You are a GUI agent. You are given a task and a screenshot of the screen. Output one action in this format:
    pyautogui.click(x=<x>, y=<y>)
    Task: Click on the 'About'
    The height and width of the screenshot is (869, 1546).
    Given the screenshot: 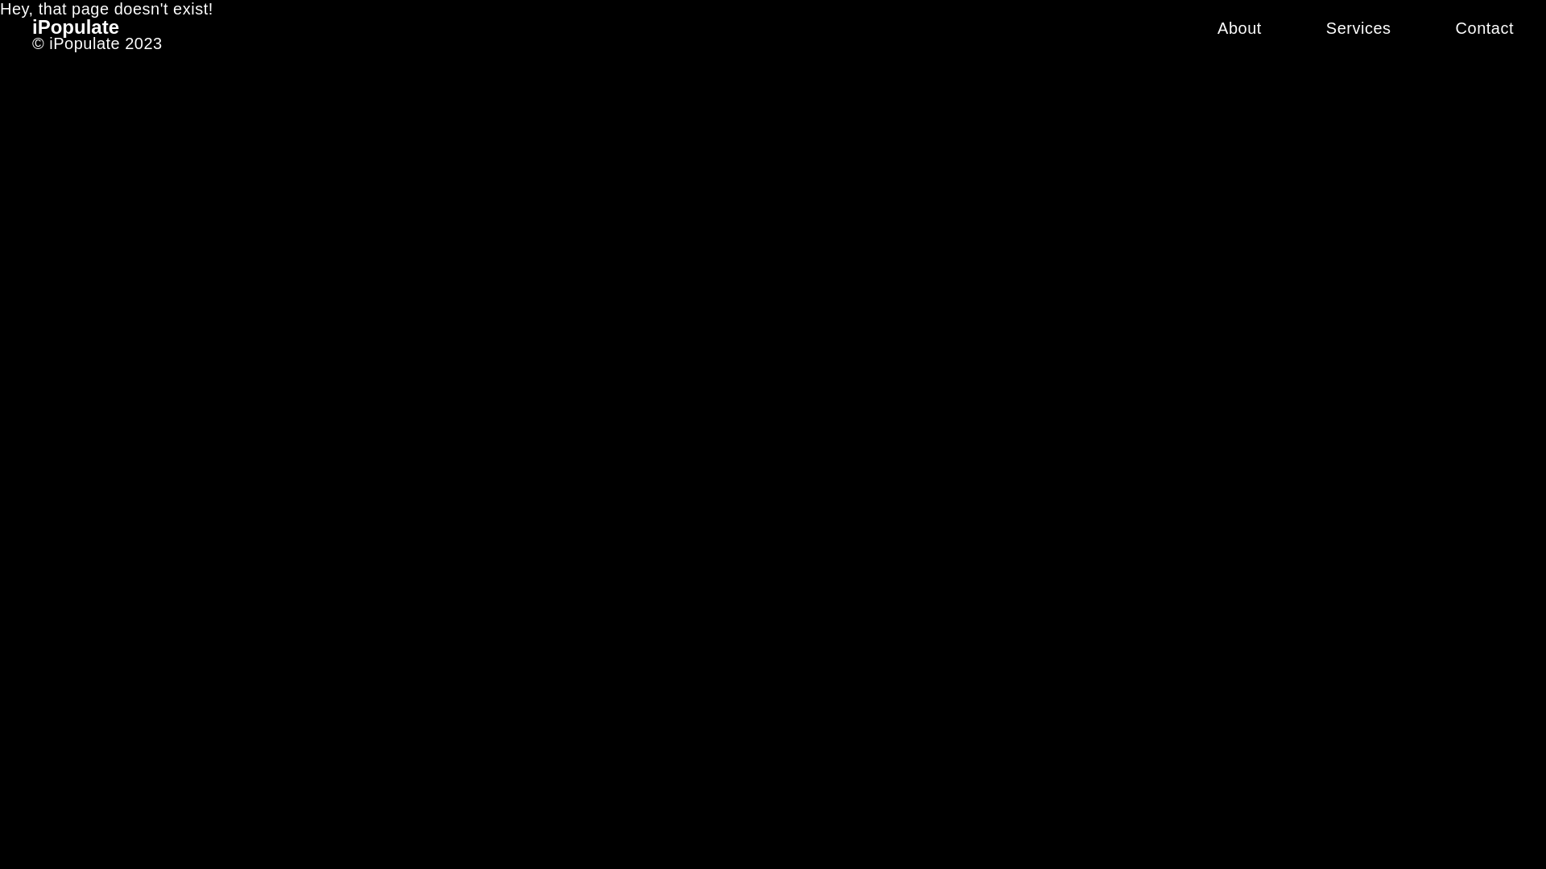 What is the action you would take?
    pyautogui.click(x=1238, y=27)
    